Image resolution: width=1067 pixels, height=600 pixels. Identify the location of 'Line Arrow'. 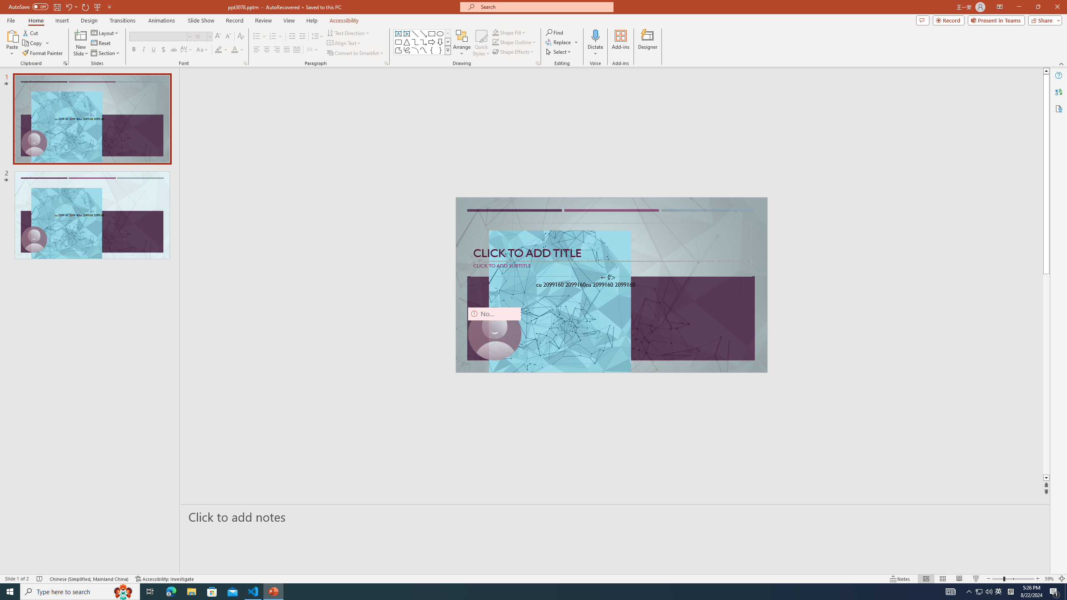
(423, 33).